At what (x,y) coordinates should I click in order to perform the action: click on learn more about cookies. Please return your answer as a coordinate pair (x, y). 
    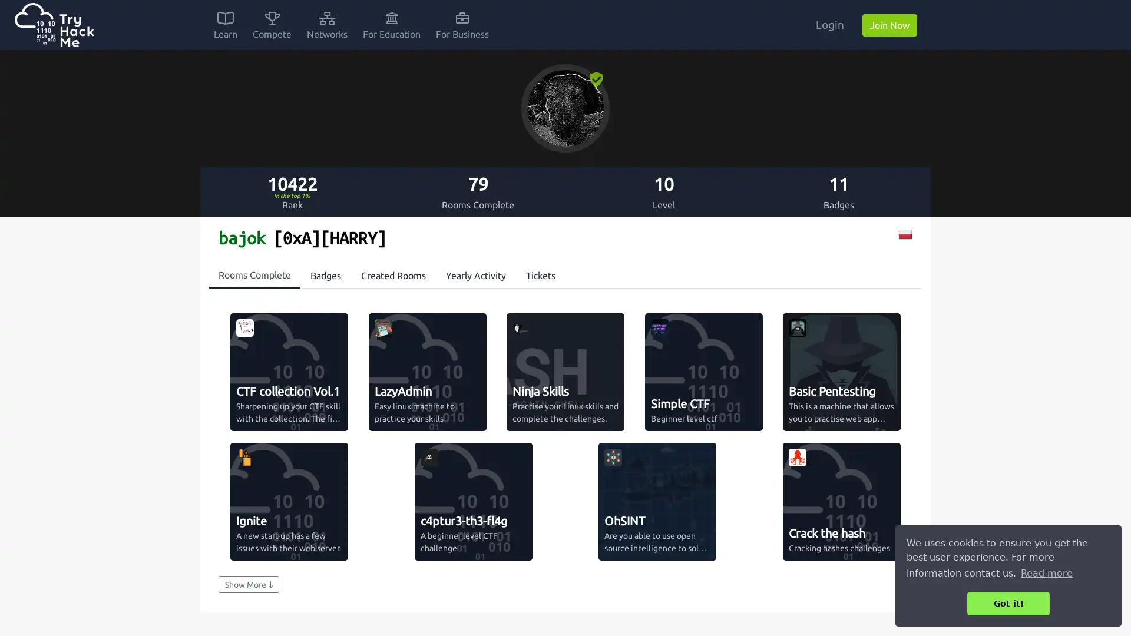
    Looking at the image, I should click on (1046, 572).